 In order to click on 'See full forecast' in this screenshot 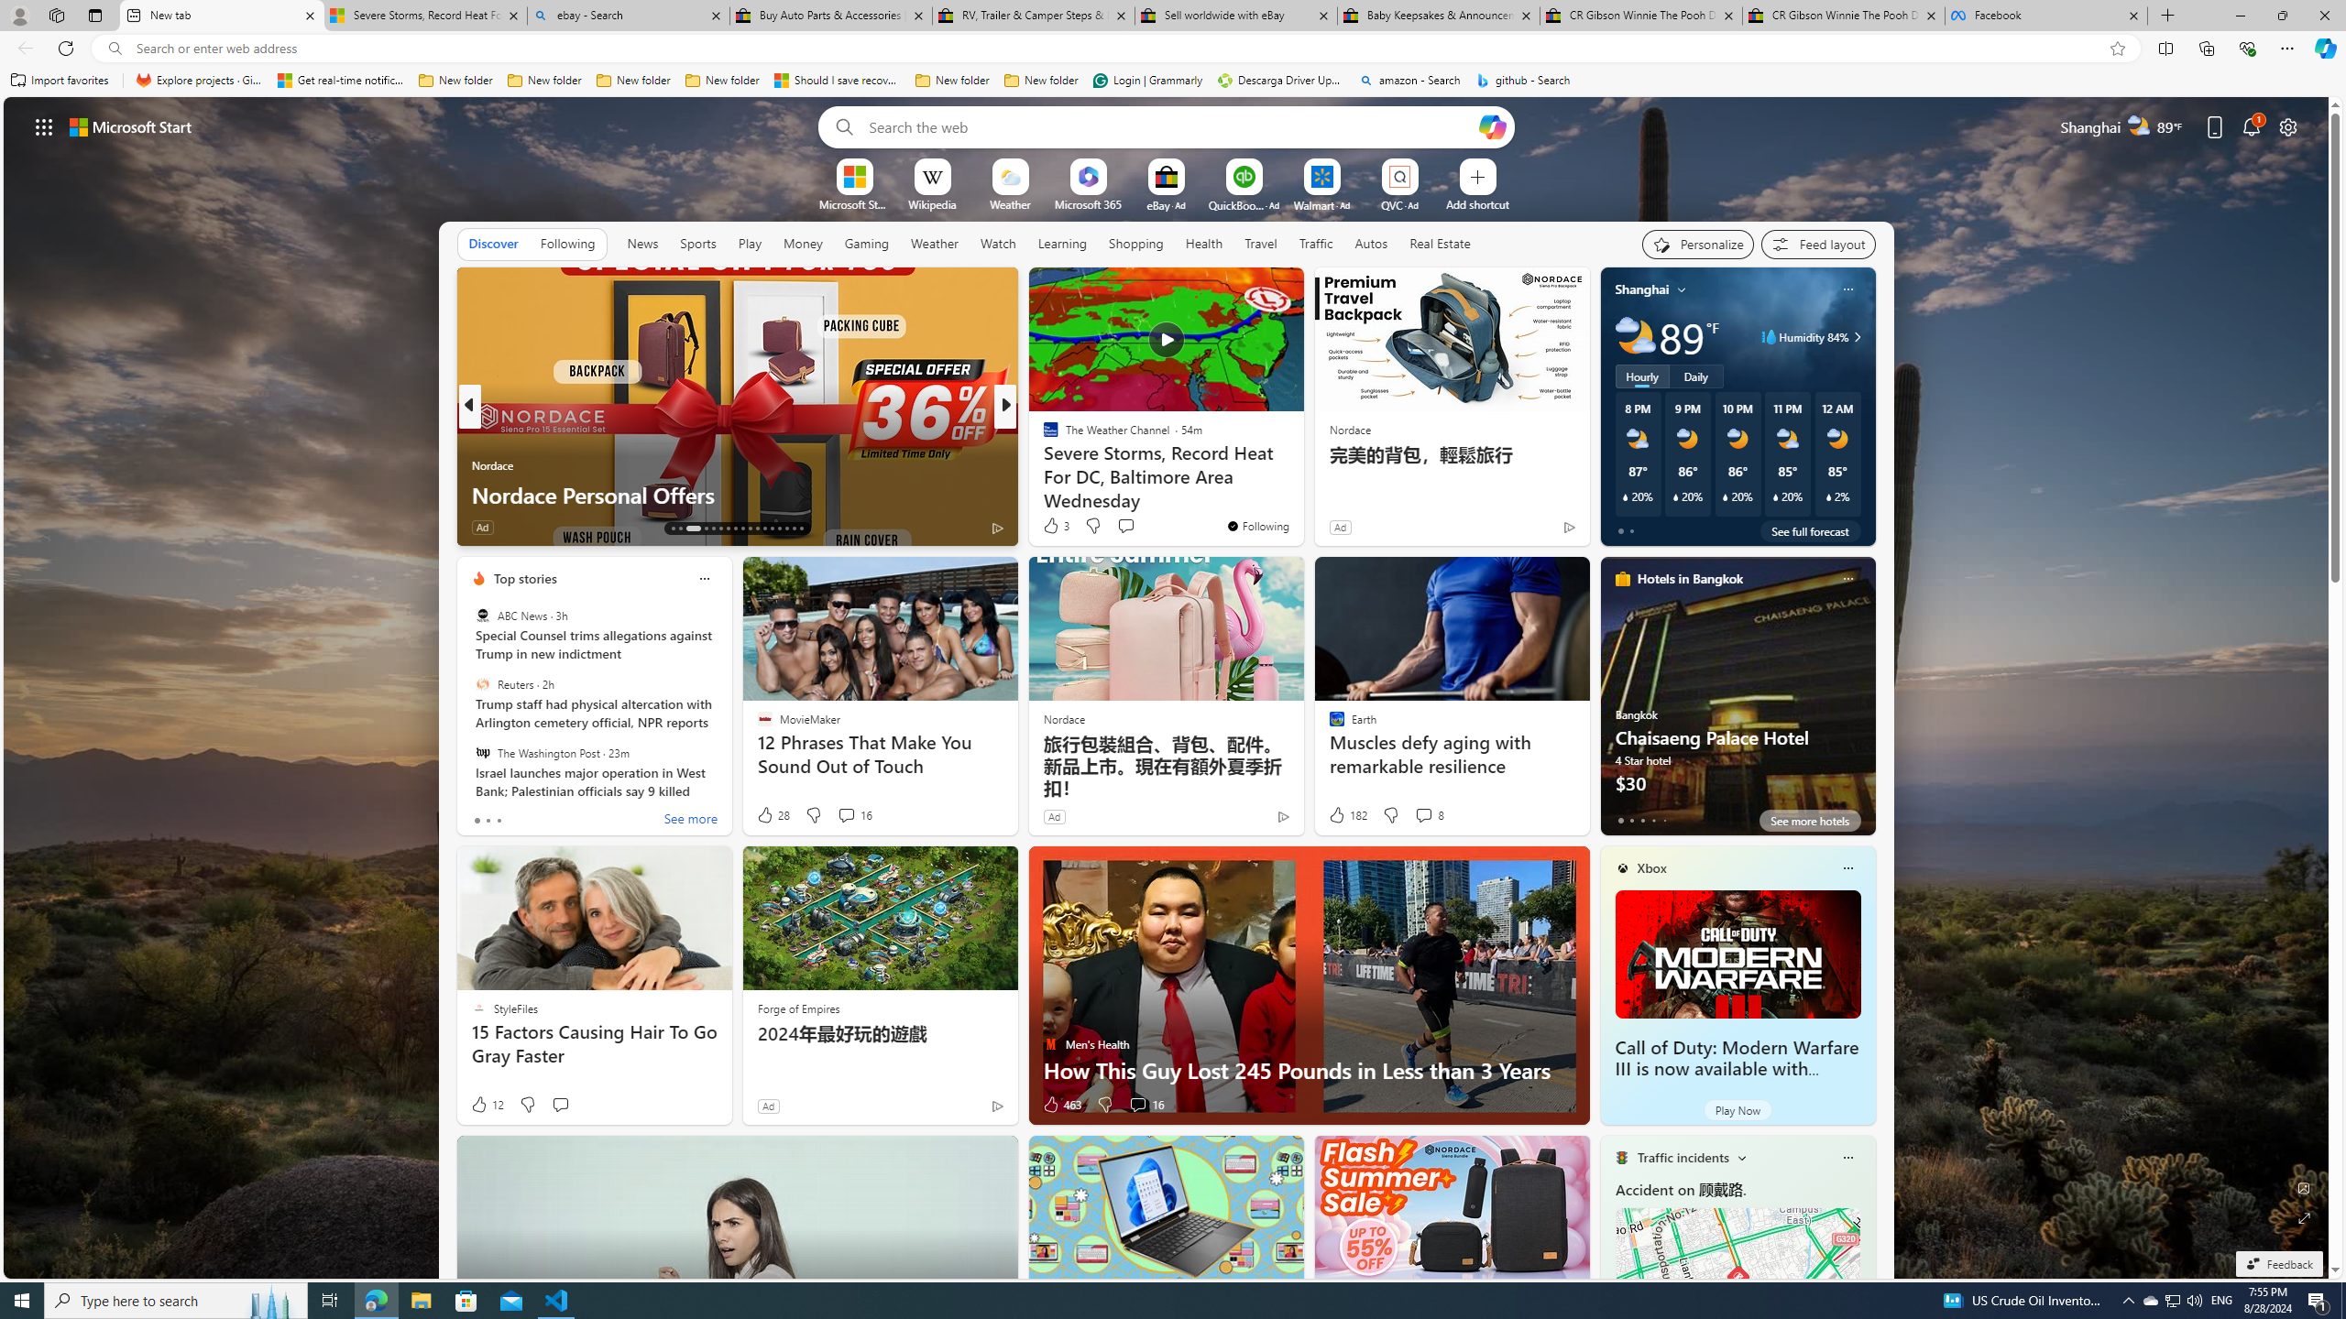, I will do `click(1809, 529)`.